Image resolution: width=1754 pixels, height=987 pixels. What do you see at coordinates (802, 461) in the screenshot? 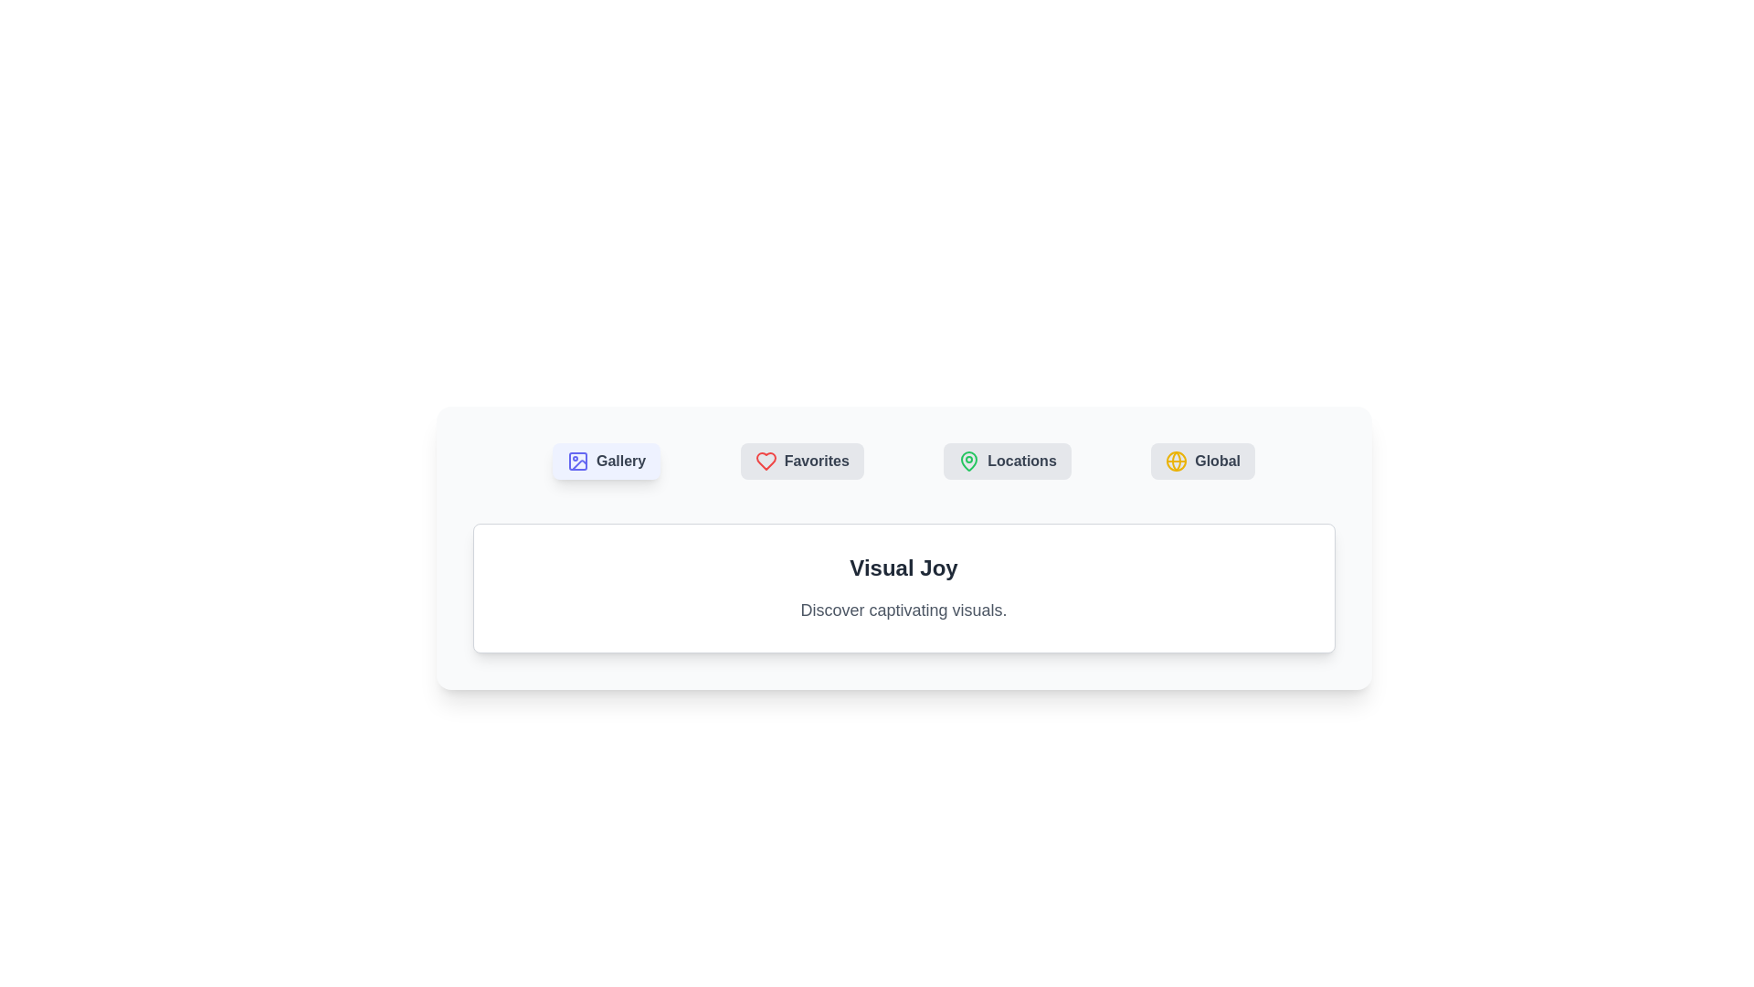
I see `the tab labeled Favorites to observe its hover effect` at bounding box center [802, 461].